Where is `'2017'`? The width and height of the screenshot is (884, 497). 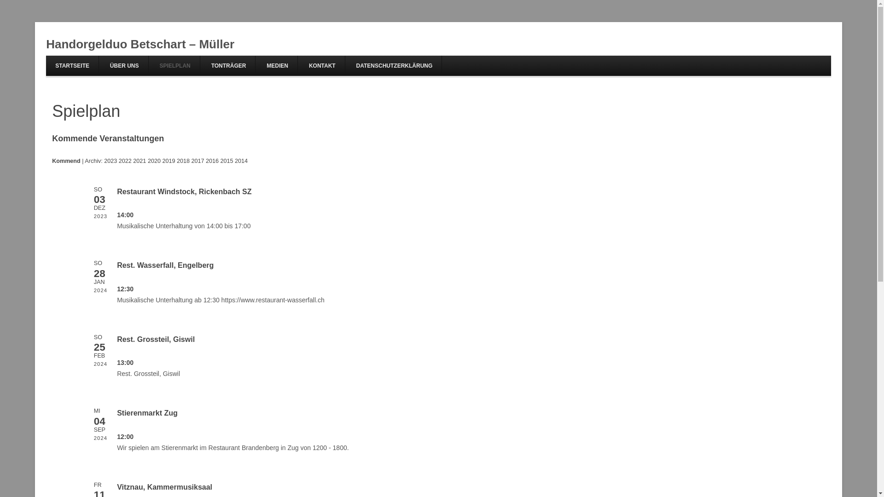 '2017' is located at coordinates (197, 161).